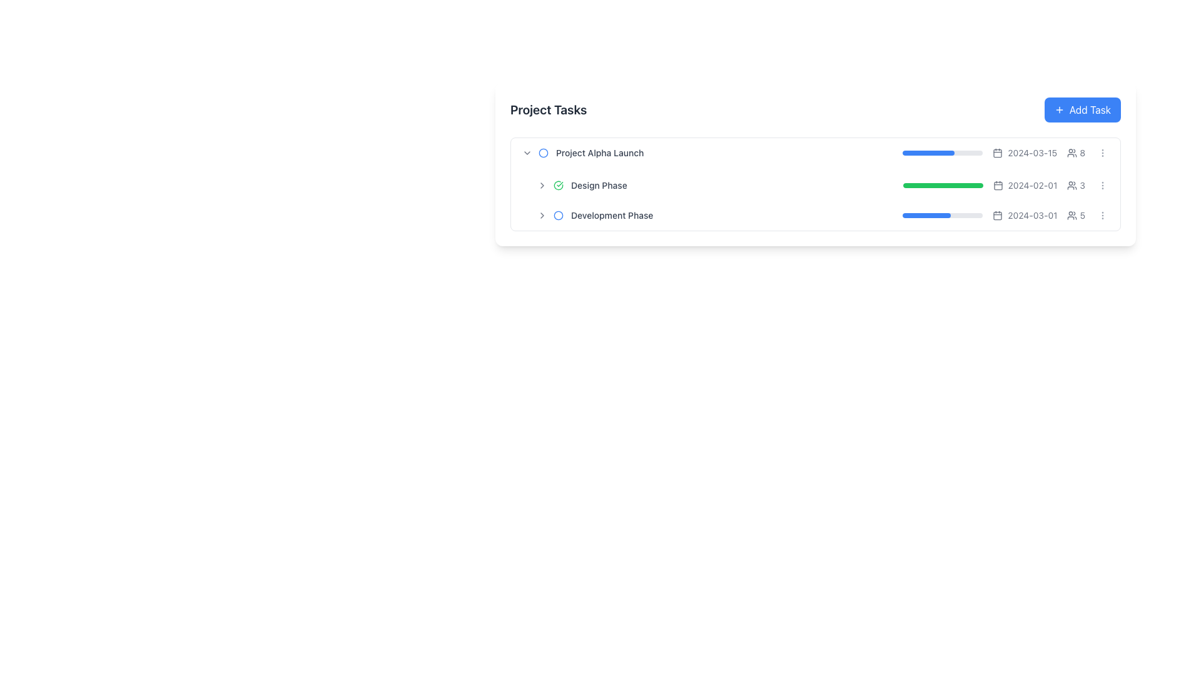 Image resolution: width=1201 pixels, height=675 pixels. What do you see at coordinates (1033, 186) in the screenshot?
I see `the static text label displaying the date '2024-02-01' that is styled in grey and small font, located next to a calendar icon in the task row` at bounding box center [1033, 186].